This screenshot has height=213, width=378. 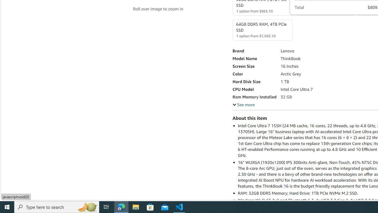 What do you see at coordinates (262, 30) in the screenshot?
I see `'64GB DDR5 RAM, 4TB PCIe SSD 1 option from $1,043.10'` at bounding box center [262, 30].